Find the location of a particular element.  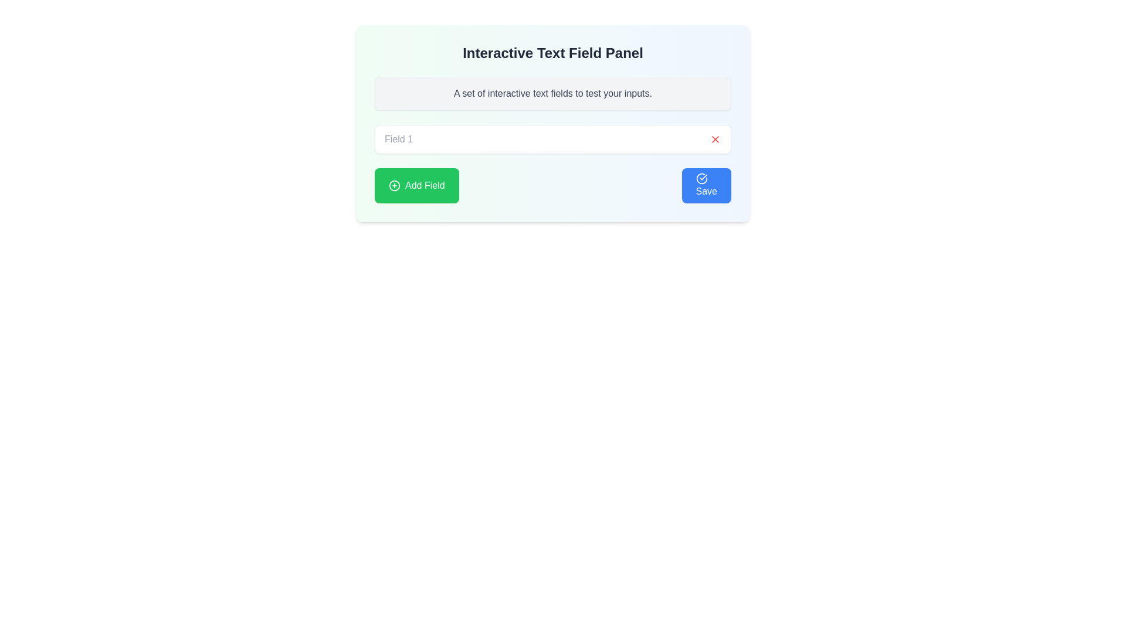

the 'Save' button located on the right side of the button group to initiate a save action is located at coordinates (706, 185).